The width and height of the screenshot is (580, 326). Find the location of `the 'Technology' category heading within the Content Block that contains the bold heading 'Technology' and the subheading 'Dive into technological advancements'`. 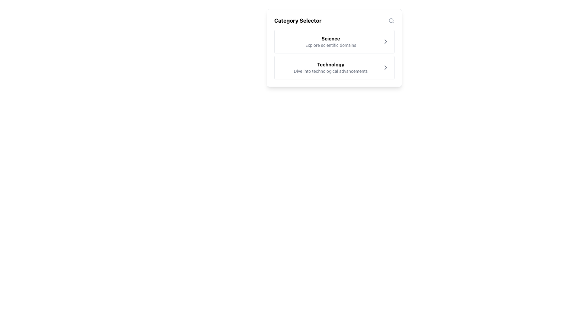

the 'Technology' category heading within the Content Block that contains the bold heading 'Technology' and the subheading 'Dive into technological advancements' is located at coordinates (330, 67).